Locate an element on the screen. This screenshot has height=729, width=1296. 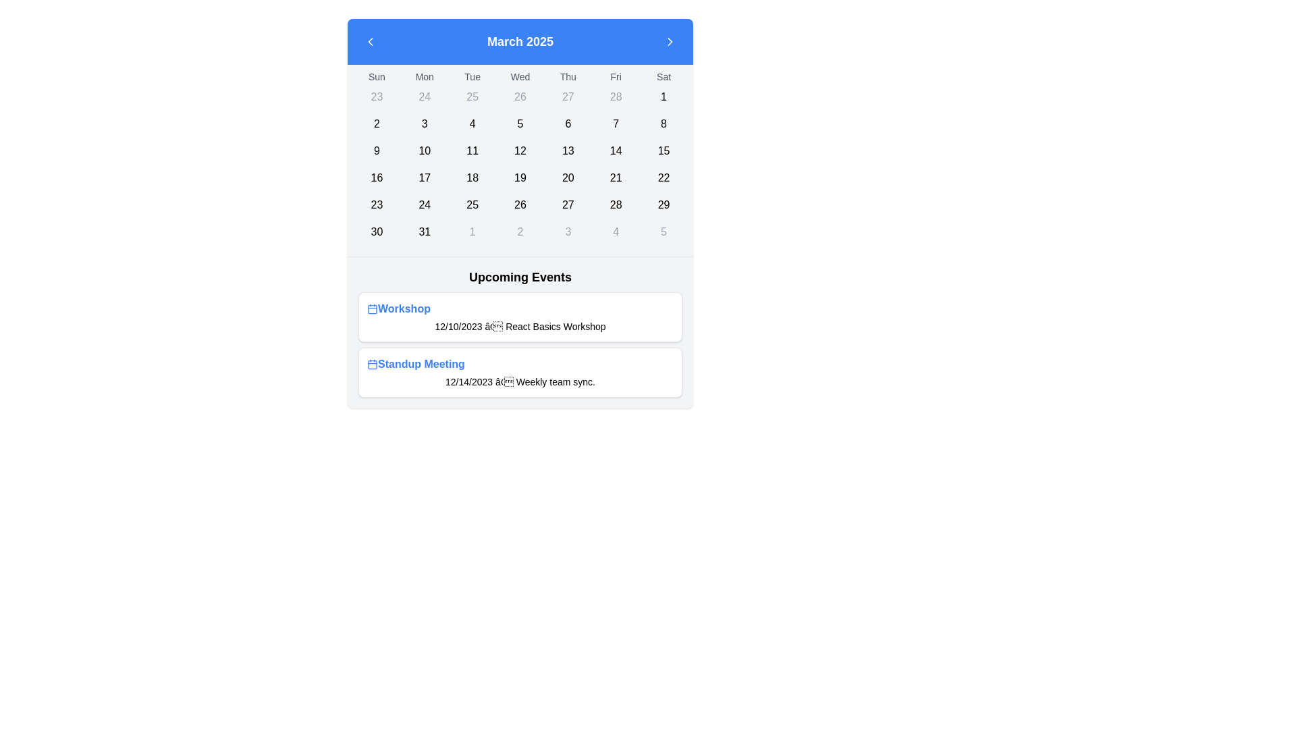
the calendar day button representing Saturday is located at coordinates (664, 231).